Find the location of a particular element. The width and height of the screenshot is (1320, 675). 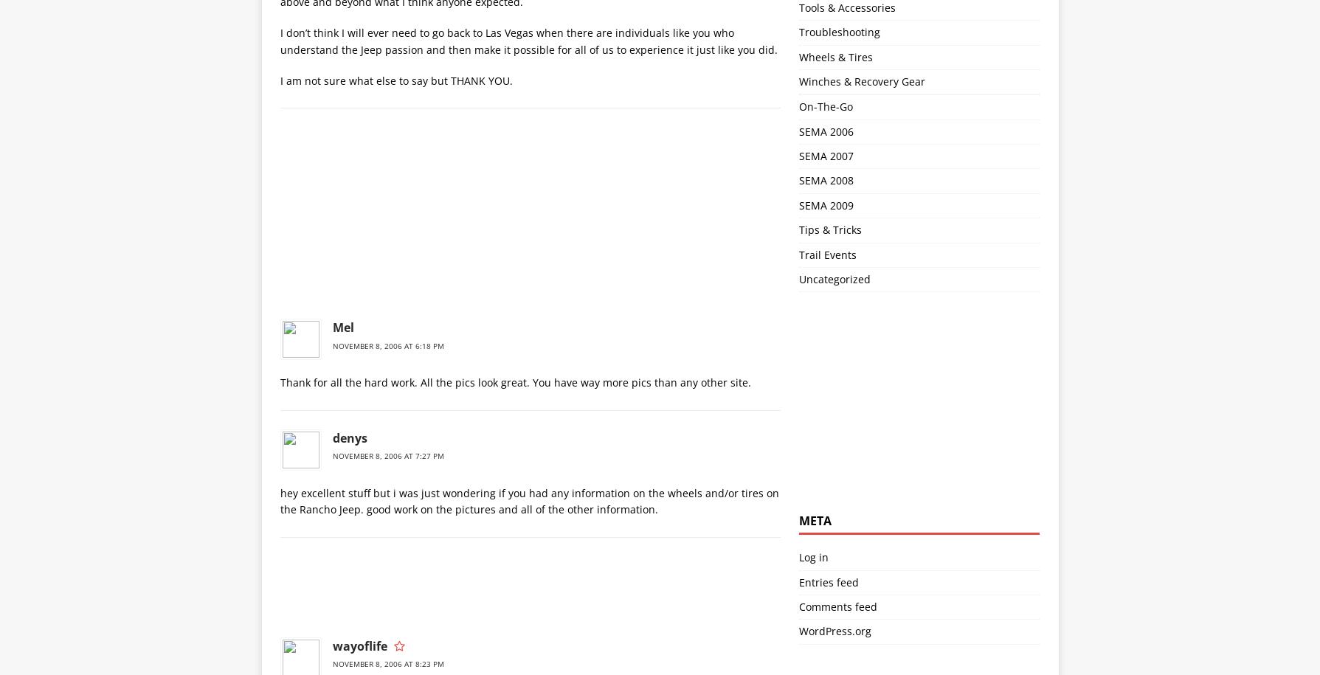

'I am not sure what else to say but THANK YOU.' is located at coordinates (395, 80).